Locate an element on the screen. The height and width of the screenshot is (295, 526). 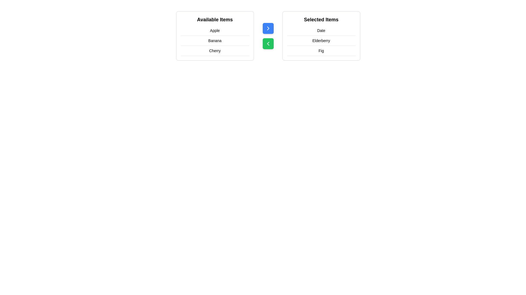
the second item in the 'Available Items' list, which is located after 'Apple' and before 'Cherry' is located at coordinates (215, 40).